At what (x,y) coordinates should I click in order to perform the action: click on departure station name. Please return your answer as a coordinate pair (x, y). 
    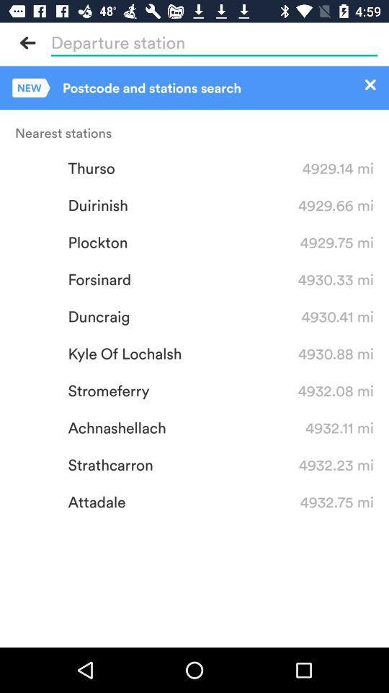
    Looking at the image, I should click on (213, 42).